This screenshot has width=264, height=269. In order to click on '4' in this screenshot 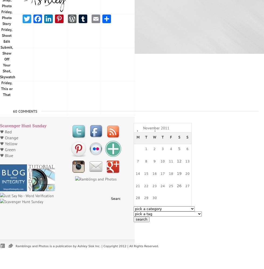, I will do `click(170, 149)`.